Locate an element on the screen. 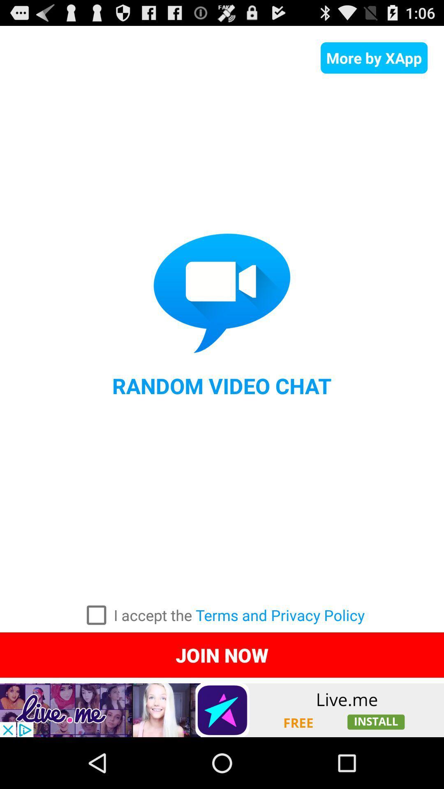 The width and height of the screenshot is (444, 789). filter is located at coordinates (96, 615).